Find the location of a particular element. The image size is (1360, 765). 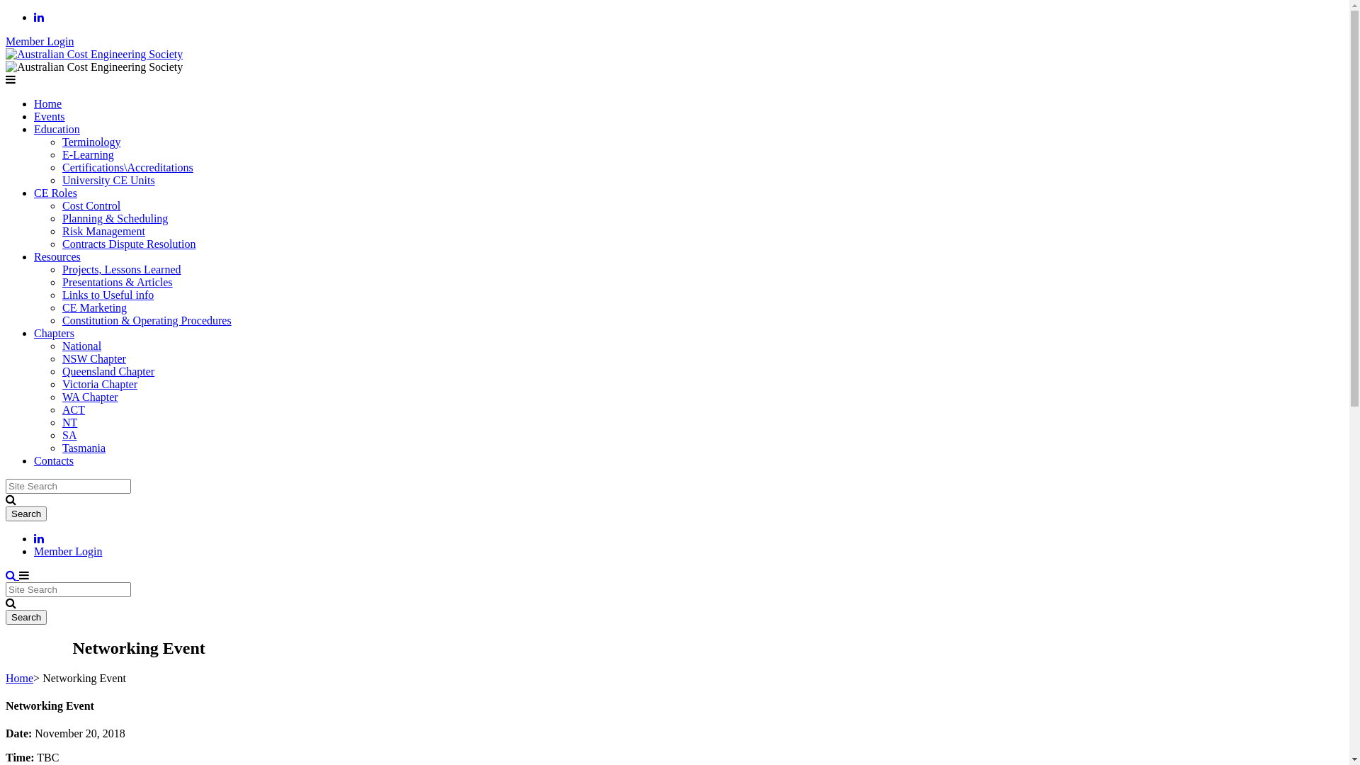

'Contracts Dispute Resolution' is located at coordinates (61, 243).